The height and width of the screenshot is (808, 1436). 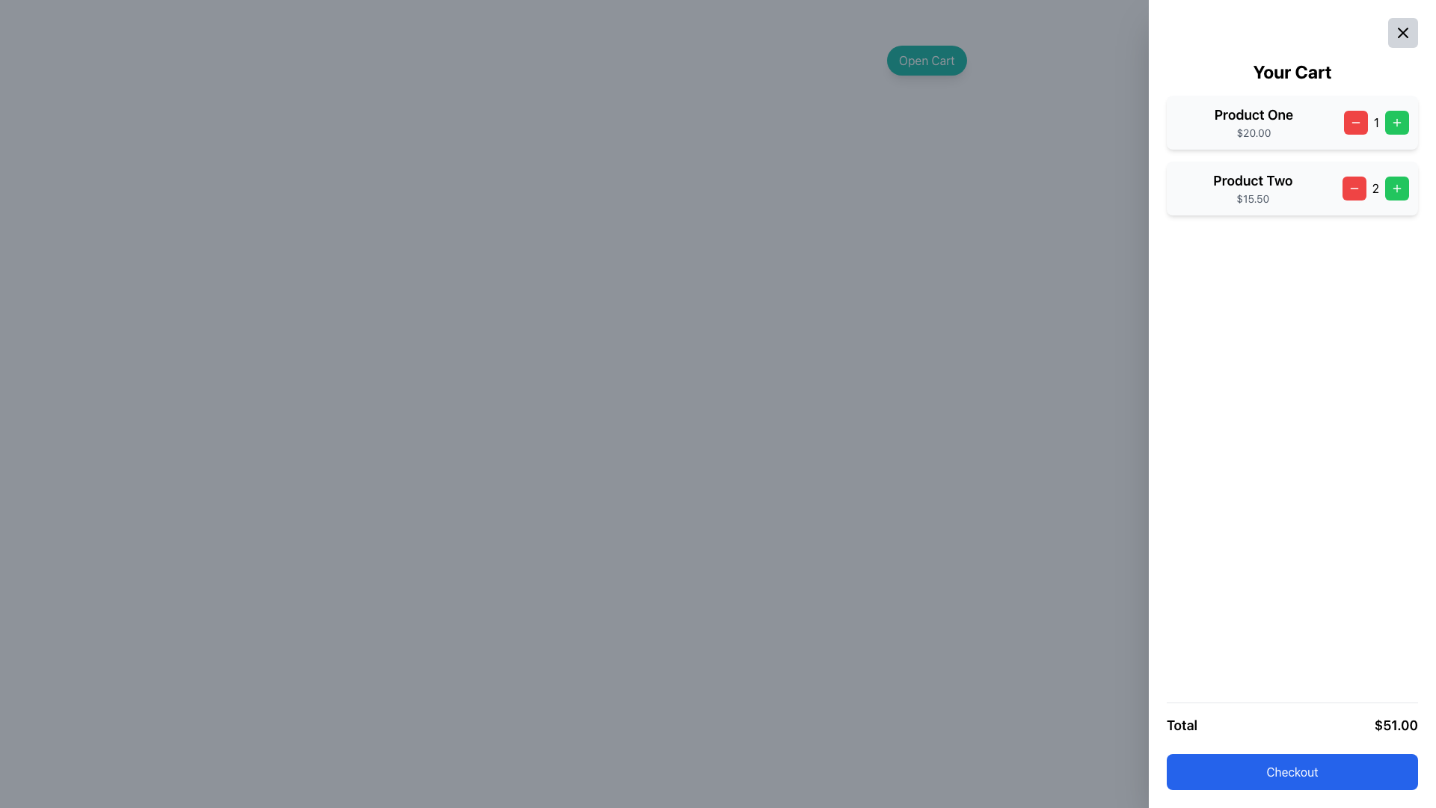 I want to click on the header text element reading 'Your Cart', which is styled in a bold, extra-large font and positioned at the top of the right-hand panel, so click(x=1292, y=72).